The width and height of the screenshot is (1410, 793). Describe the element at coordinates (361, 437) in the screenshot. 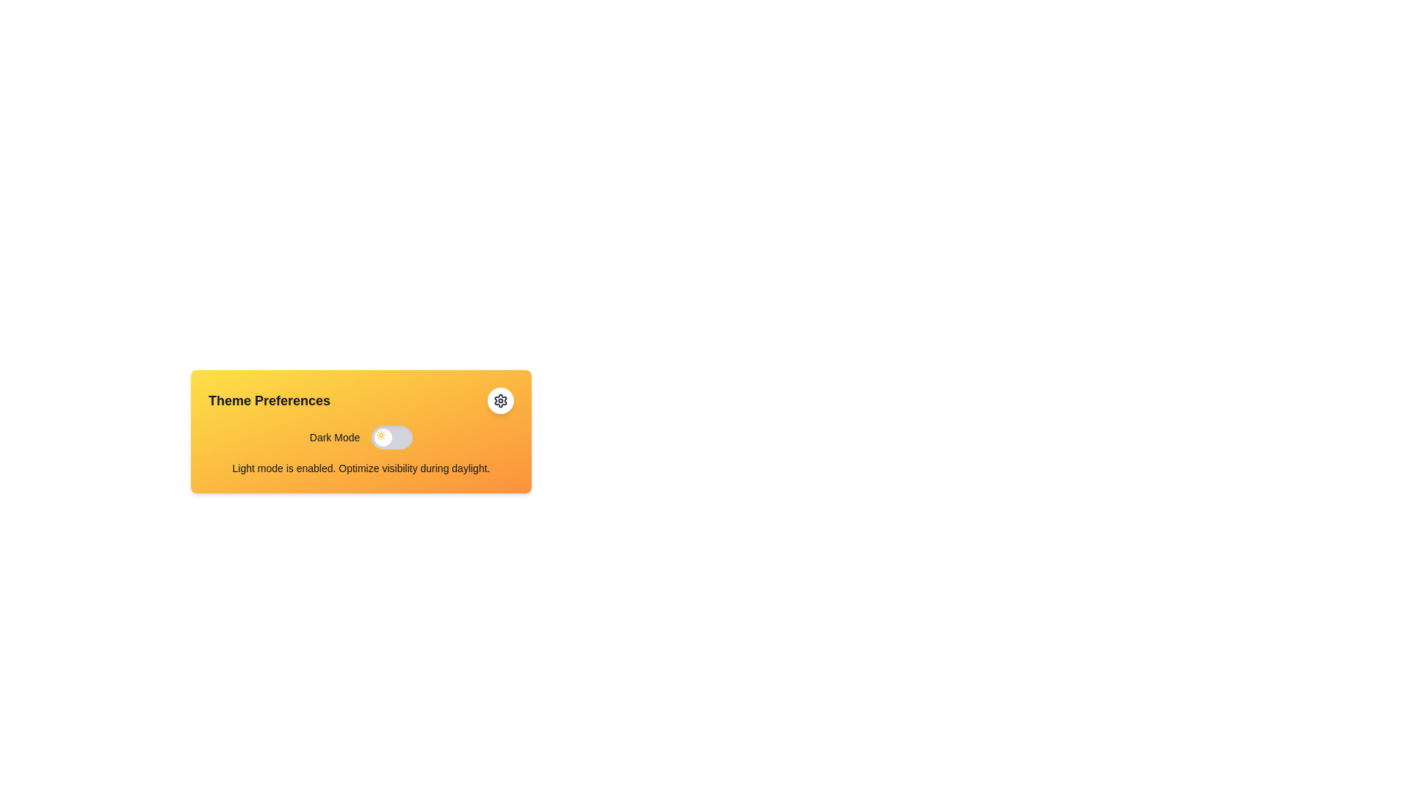

I see `the 'Dark Mode' toggle switch to change its state from inactive to active` at that location.